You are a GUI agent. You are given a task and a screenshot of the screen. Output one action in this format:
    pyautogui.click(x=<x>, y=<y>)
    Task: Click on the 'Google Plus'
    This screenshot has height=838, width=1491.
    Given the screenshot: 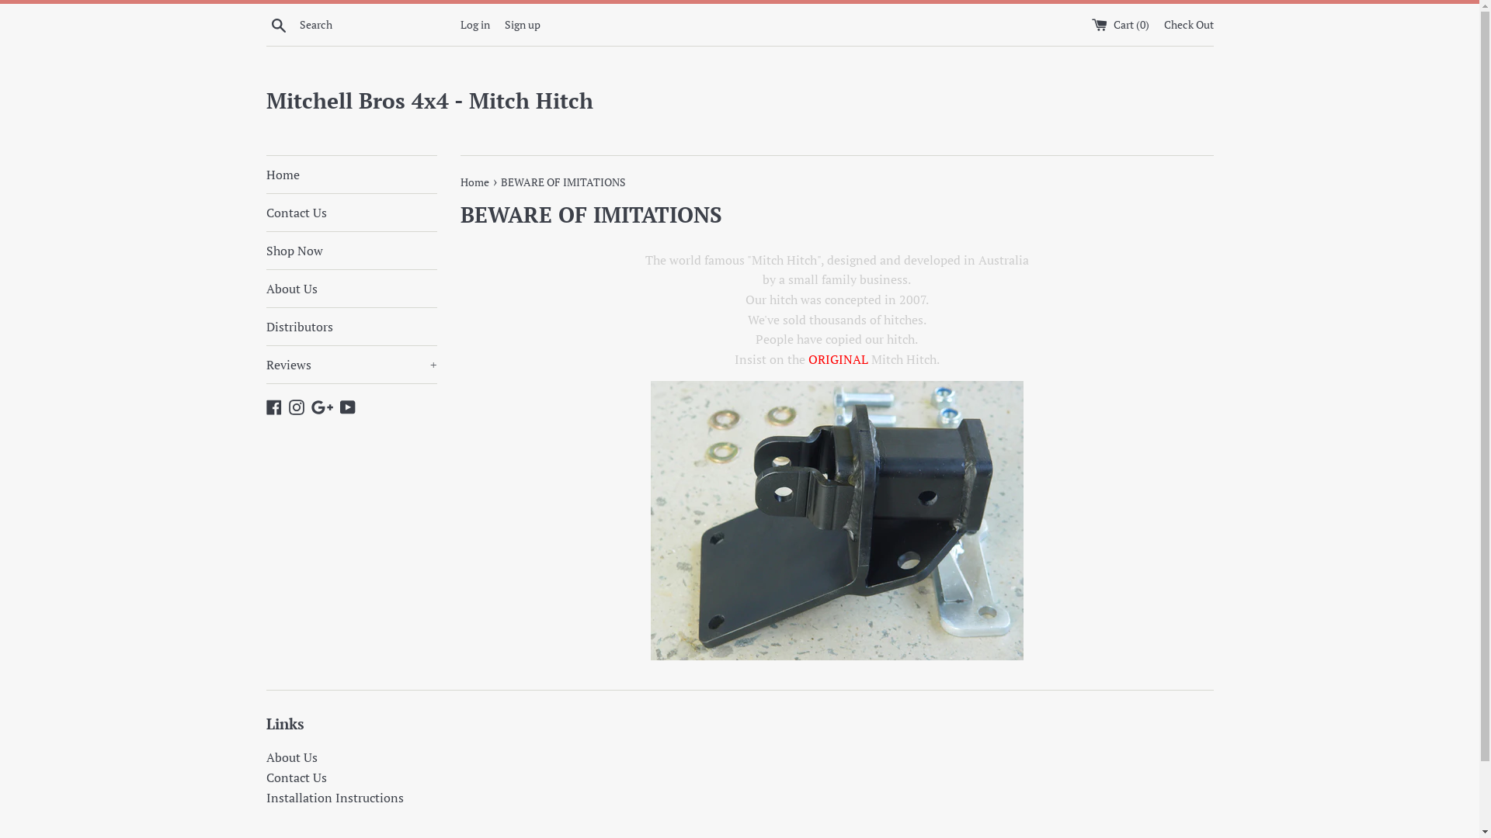 What is the action you would take?
    pyautogui.click(x=320, y=405)
    